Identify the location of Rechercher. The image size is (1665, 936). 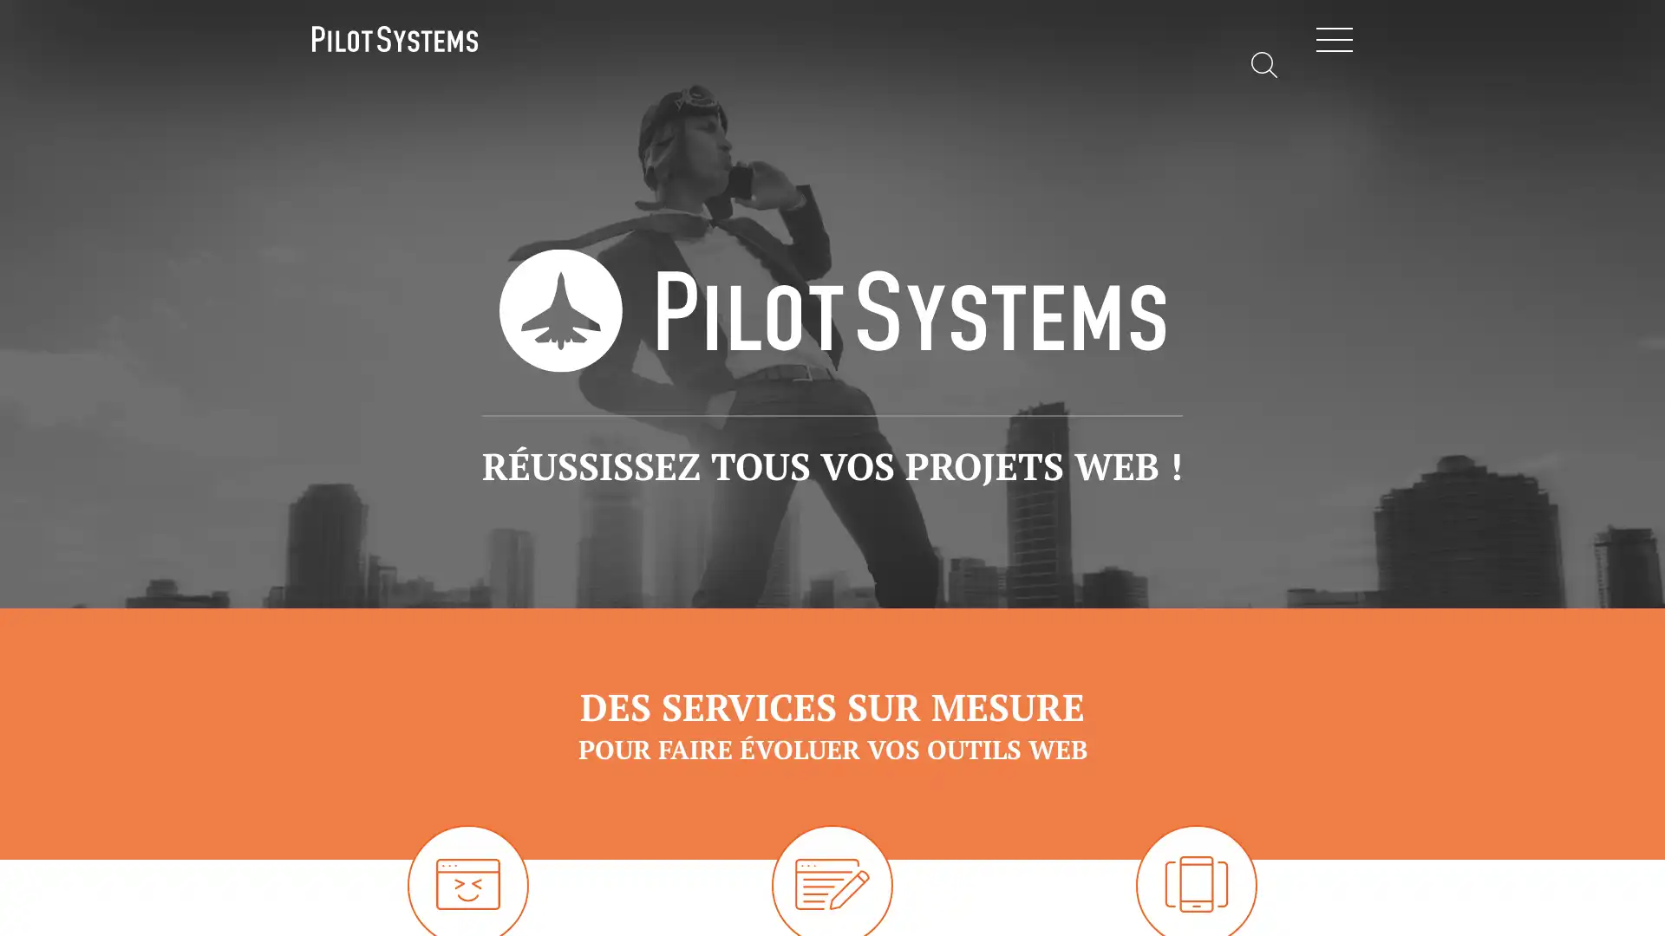
(1264, 39).